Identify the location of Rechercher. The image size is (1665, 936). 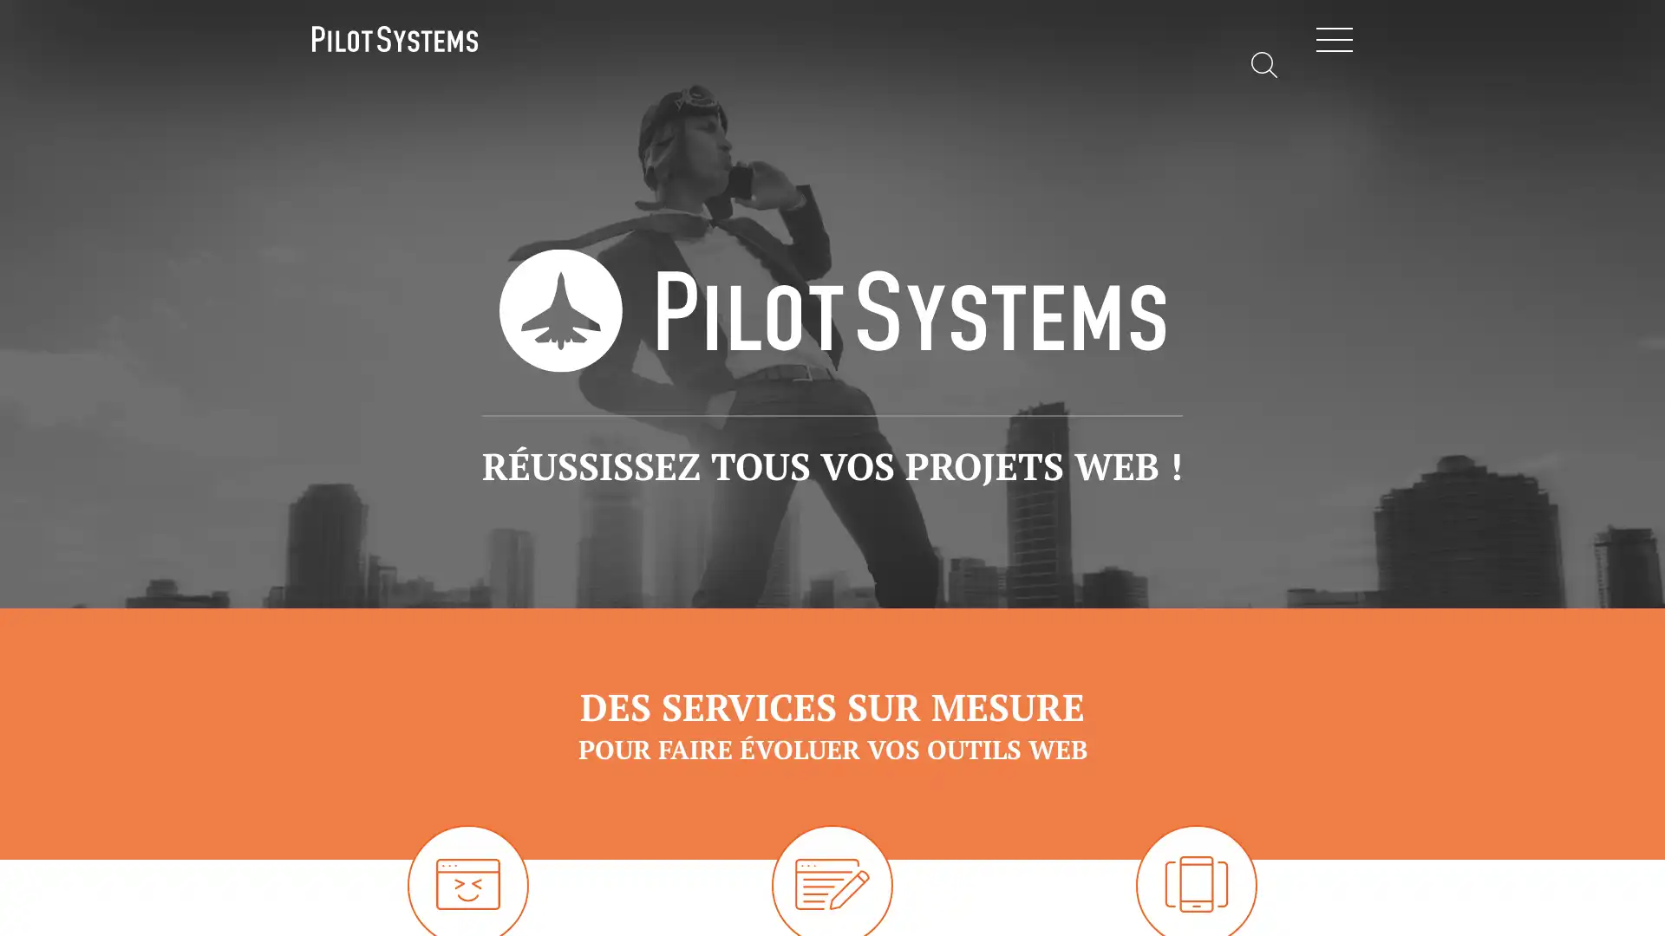
(1264, 39).